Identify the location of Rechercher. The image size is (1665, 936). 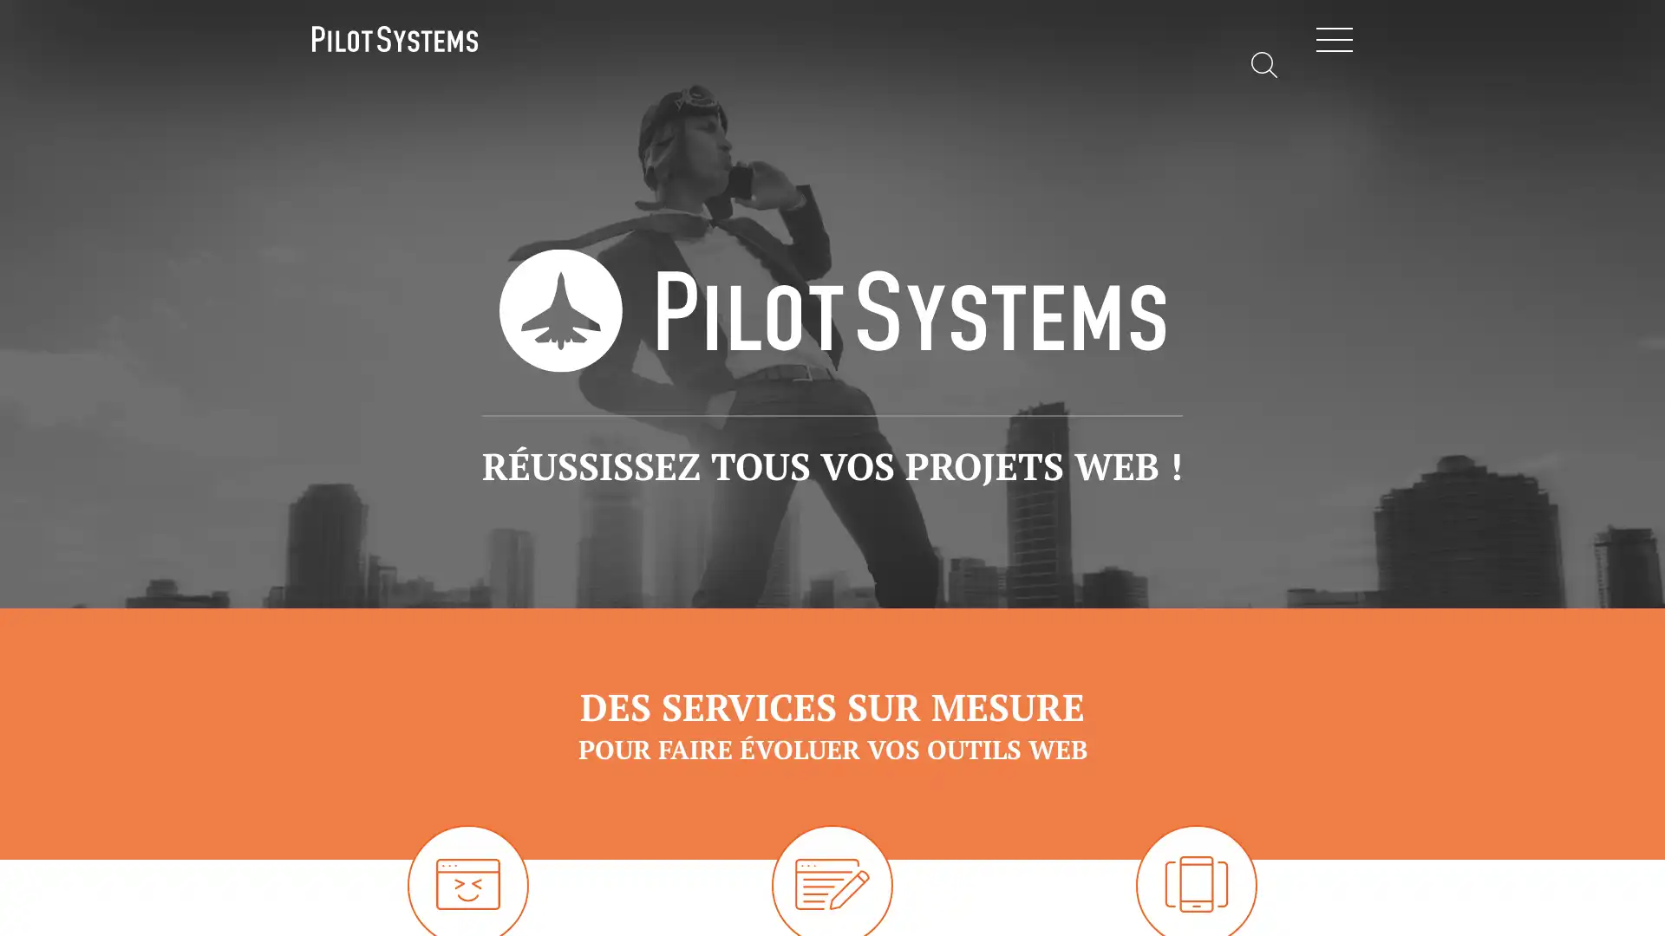
(1264, 39).